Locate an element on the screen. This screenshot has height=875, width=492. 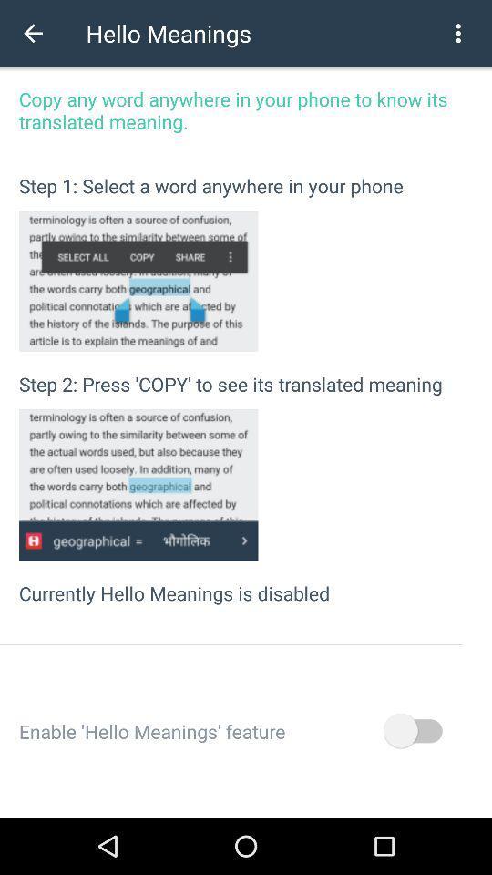
icon at the top right corner is located at coordinates (457, 32).